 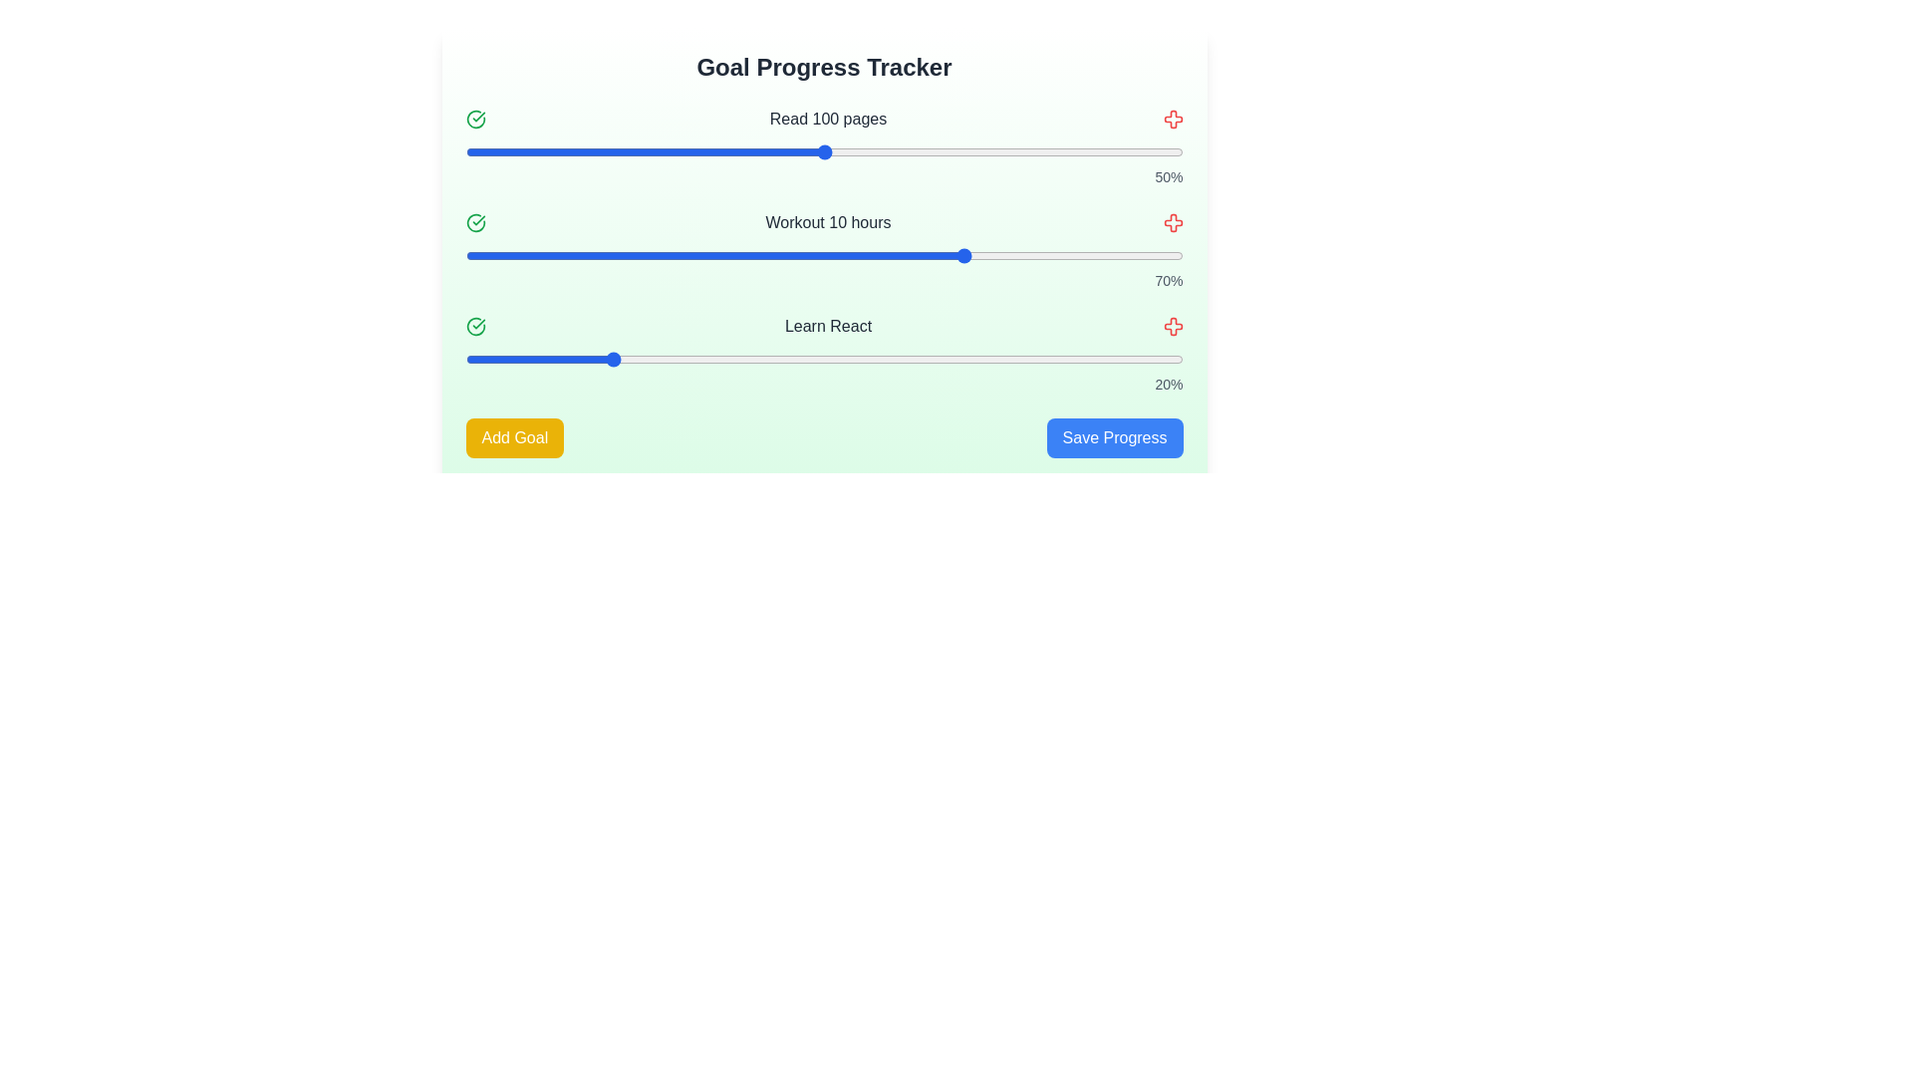 I want to click on the progress slider for the goal 'Read 100 pages' to 1%, so click(x=471, y=151).